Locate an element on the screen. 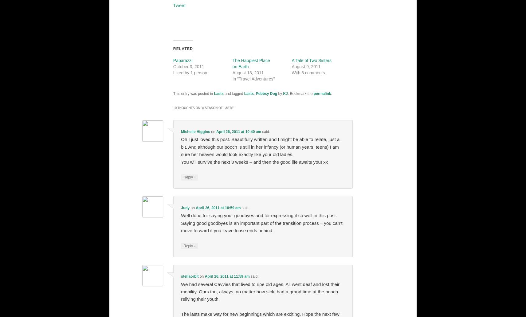  'stellaorbit' is located at coordinates (189, 276).